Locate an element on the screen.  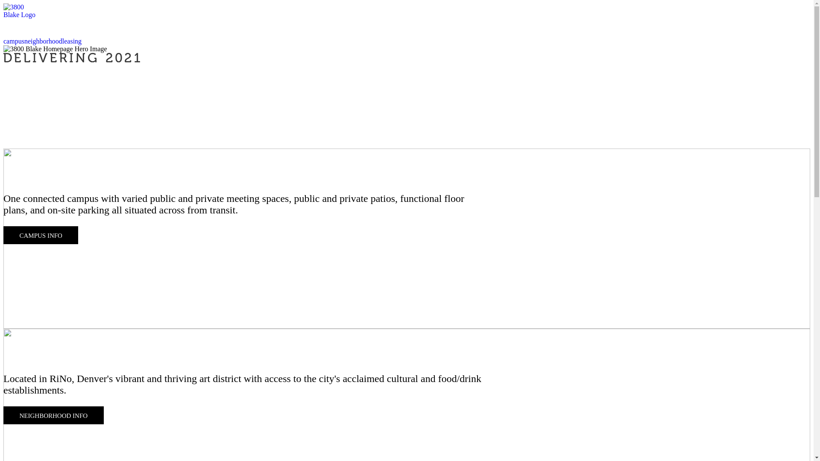
'CAMPUS INFO' is located at coordinates (40, 235).